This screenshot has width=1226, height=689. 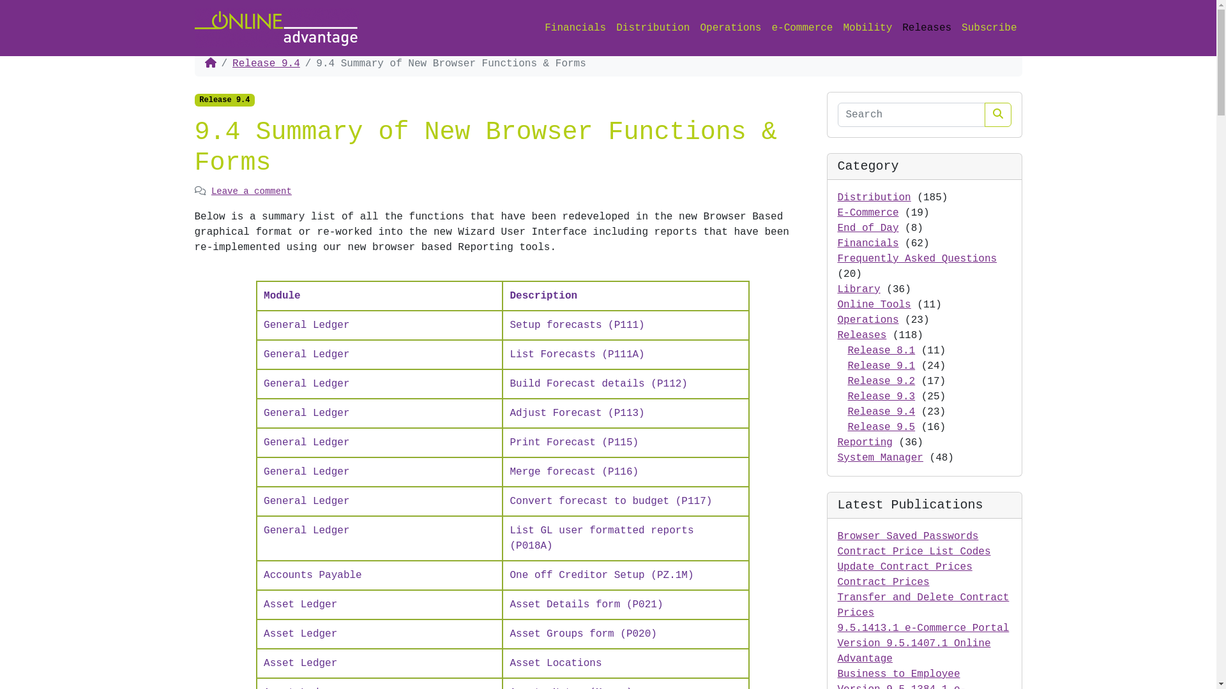 I want to click on 'Contract Price List Codes', so click(x=913, y=551).